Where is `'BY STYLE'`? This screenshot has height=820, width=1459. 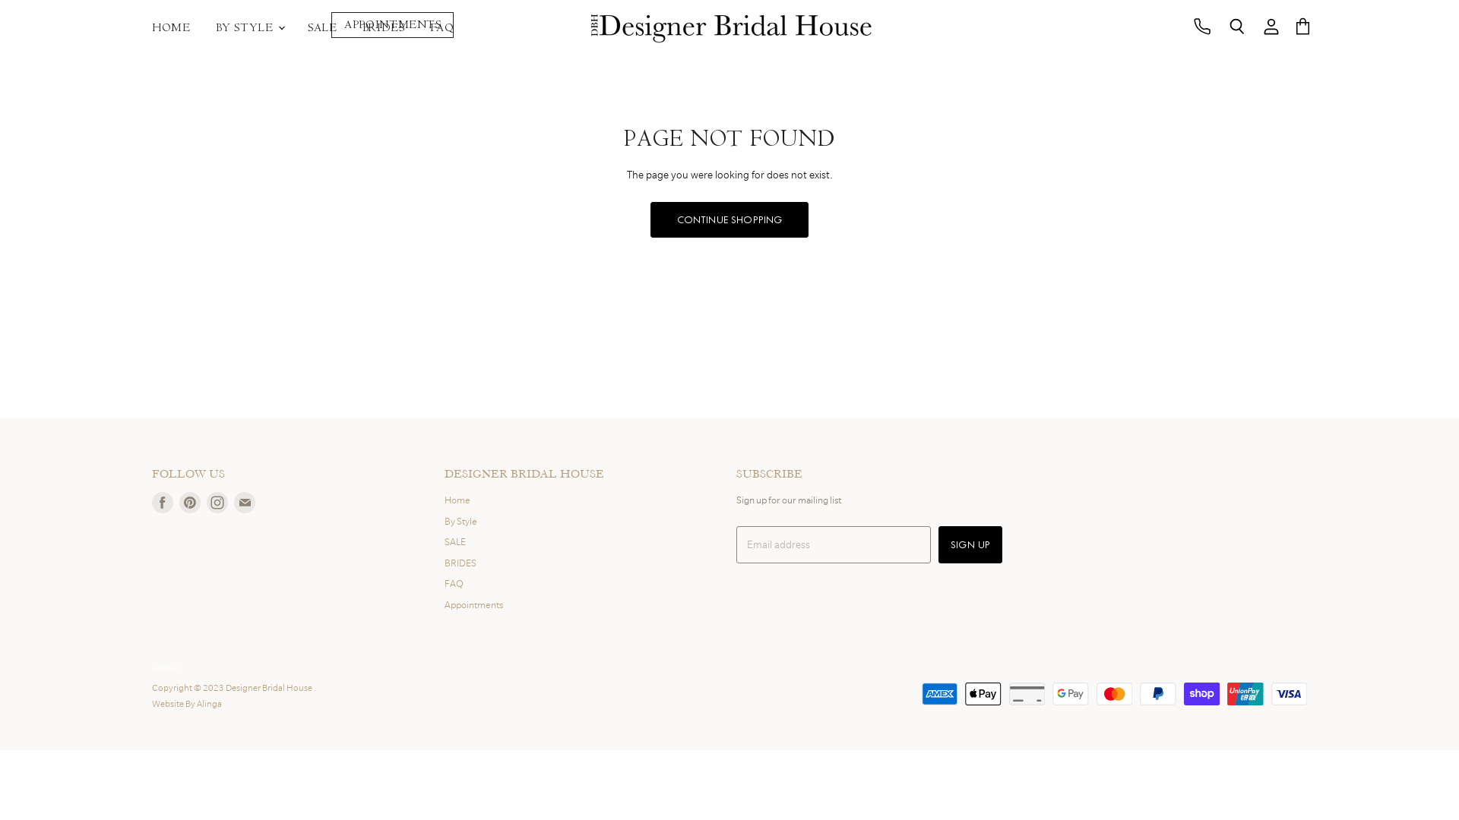 'BY STYLE' is located at coordinates (249, 27).